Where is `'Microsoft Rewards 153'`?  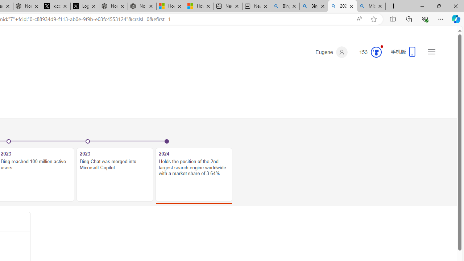 'Microsoft Rewards 153' is located at coordinates (368, 52).